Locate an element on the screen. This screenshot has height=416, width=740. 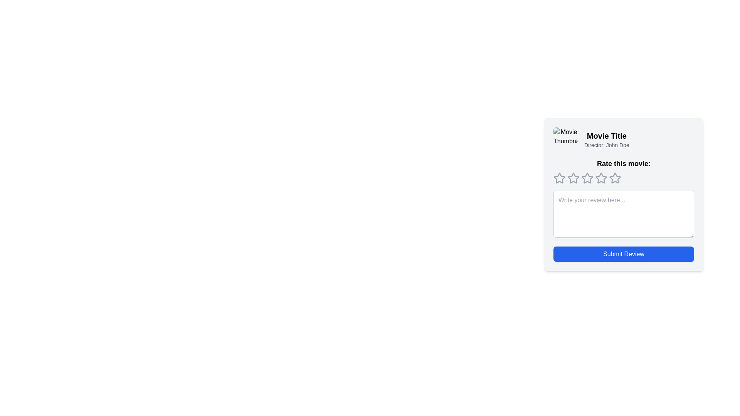
the informational display that shows the movie title, director's name, and thumbnail image is located at coordinates (624, 139).